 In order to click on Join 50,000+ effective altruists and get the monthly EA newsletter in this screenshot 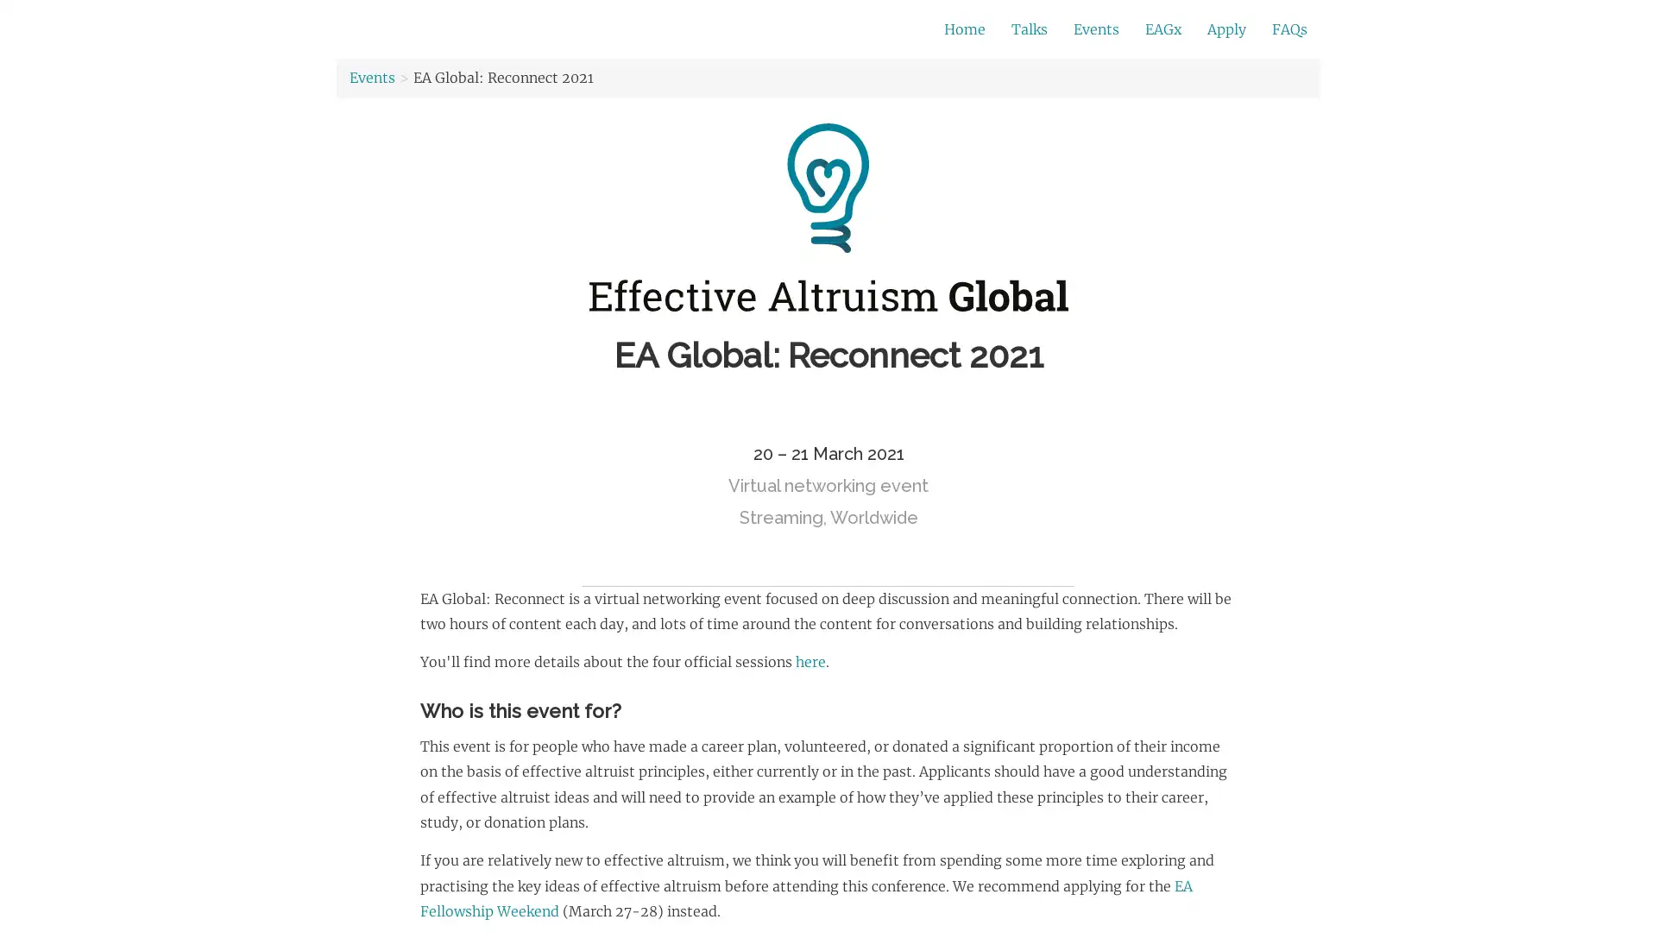, I will do `click(703, 29)`.